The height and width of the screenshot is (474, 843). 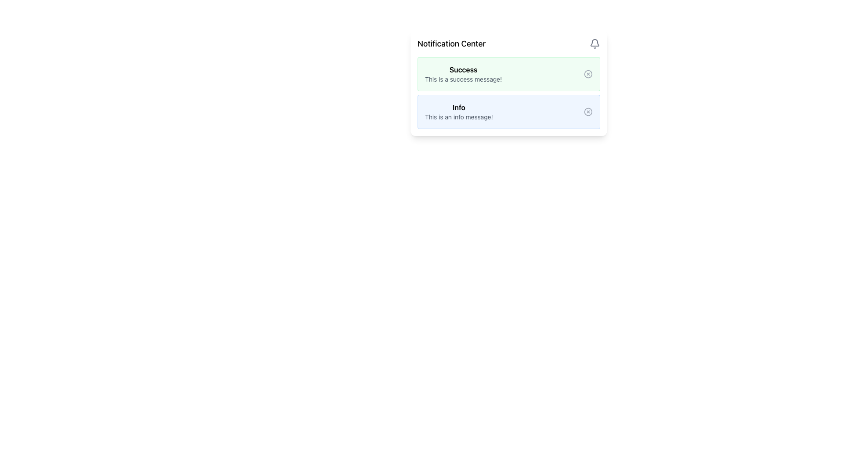 I want to click on the circular dismiss button with an 'X' shape in the center, located at the upper right corner of the green notification box labeled 'Success', so click(x=588, y=74).